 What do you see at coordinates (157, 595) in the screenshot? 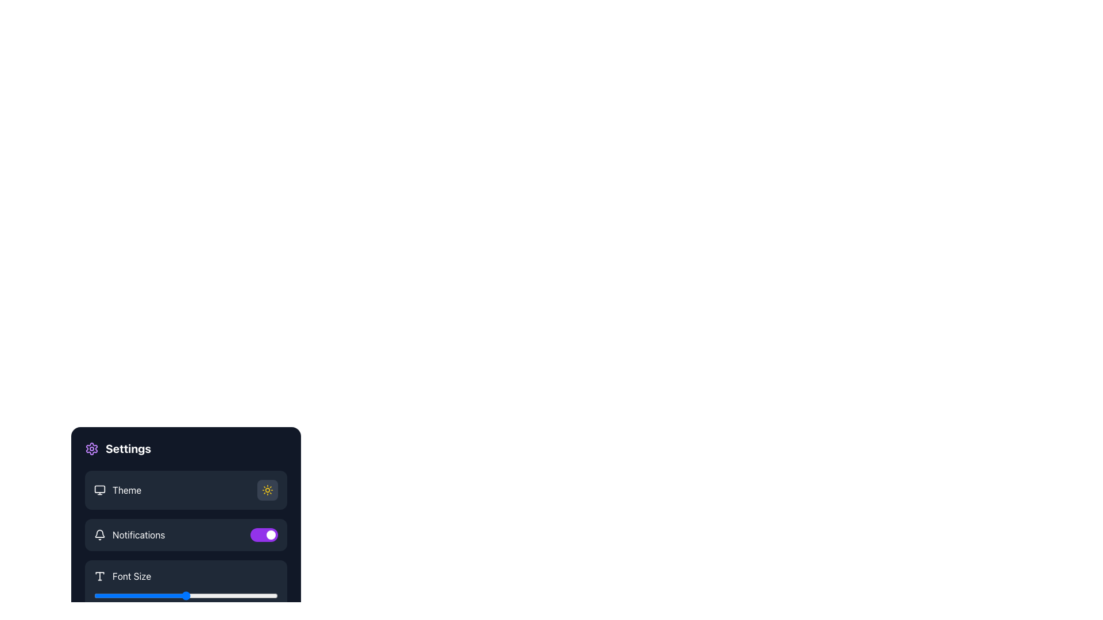
I see `the font size` at bounding box center [157, 595].